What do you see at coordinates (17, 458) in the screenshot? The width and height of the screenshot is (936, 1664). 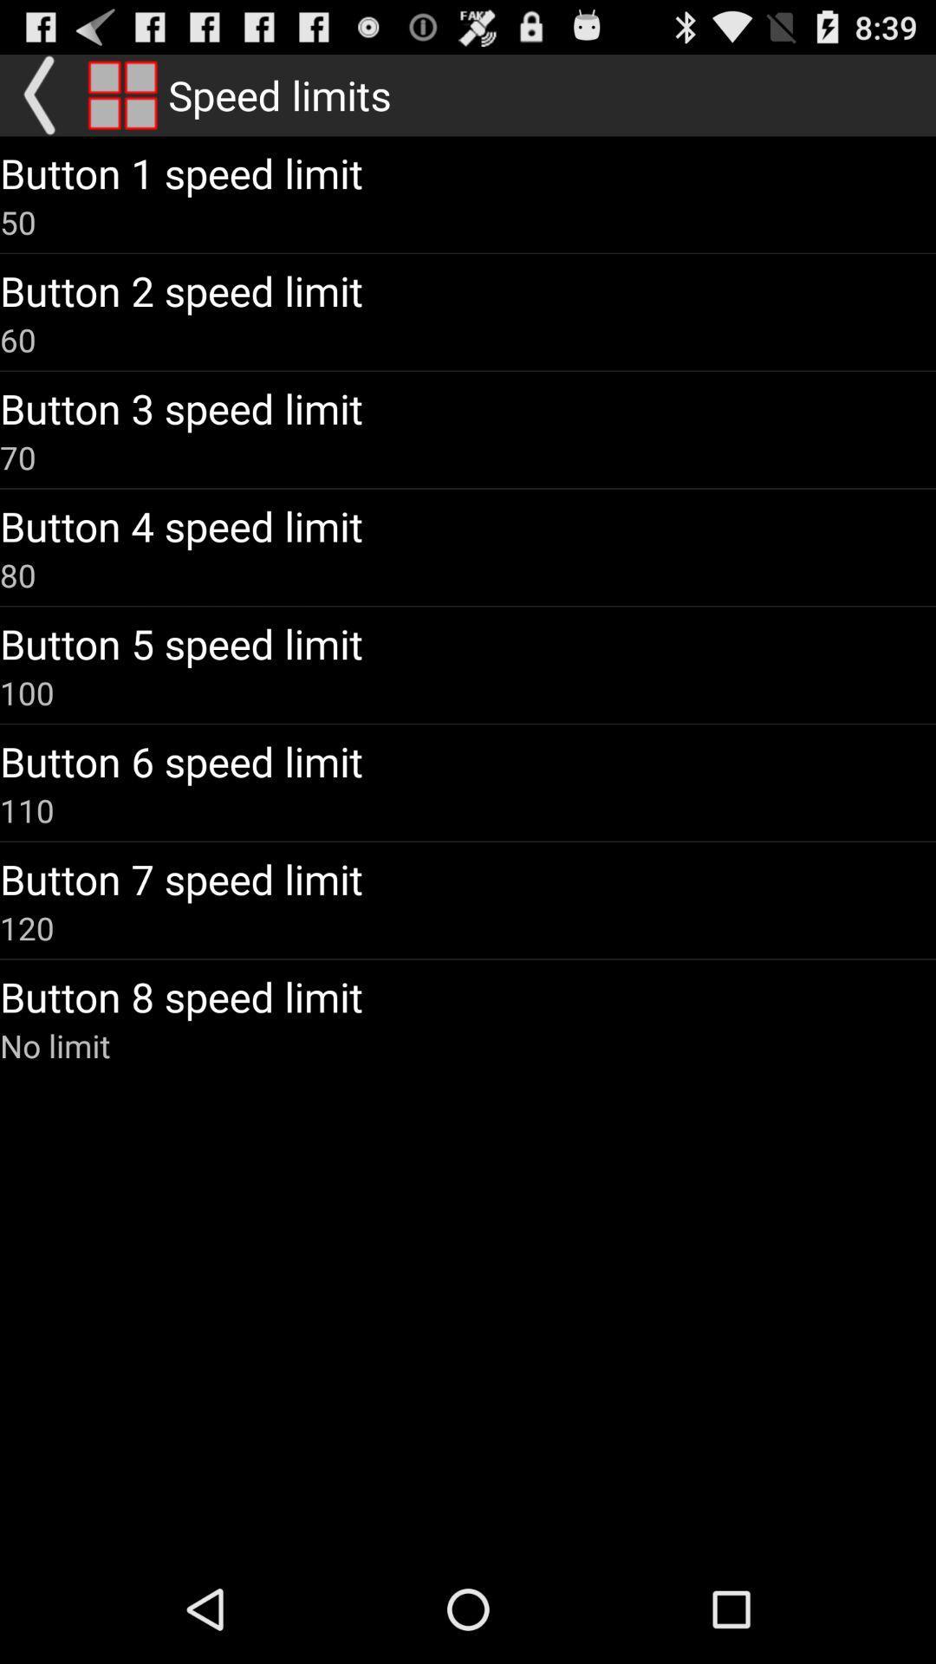 I see `the 70 item` at bounding box center [17, 458].